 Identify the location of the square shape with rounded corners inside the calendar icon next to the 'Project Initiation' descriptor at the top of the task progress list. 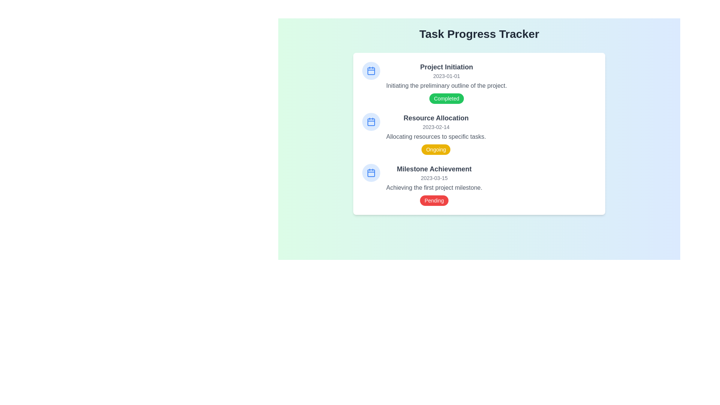
(371, 71).